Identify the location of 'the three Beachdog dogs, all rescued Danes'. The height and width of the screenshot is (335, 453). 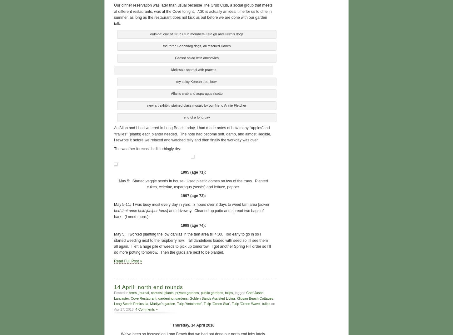
(196, 45).